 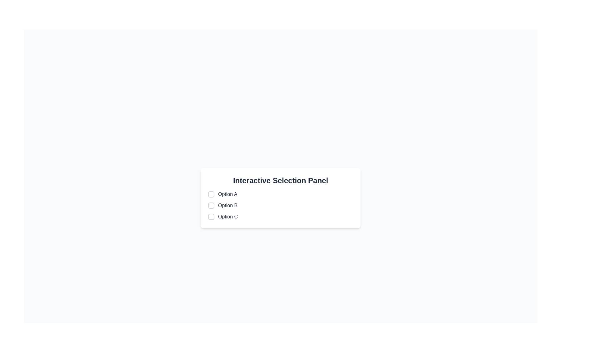 What do you see at coordinates (227, 194) in the screenshot?
I see `text label displaying 'Option A' located in the interactive selection panel, which is styled with a gray font color and is the first option in the list` at bounding box center [227, 194].